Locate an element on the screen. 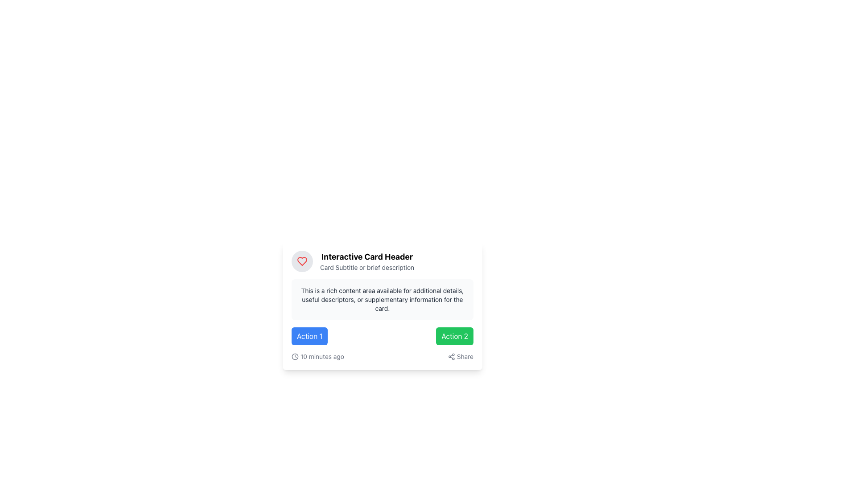 Image resolution: width=856 pixels, height=481 pixels. the small circular clock icon located to the left of the text '10 minutes ago' in the bottom-left section of the card layout is located at coordinates (295, 356).